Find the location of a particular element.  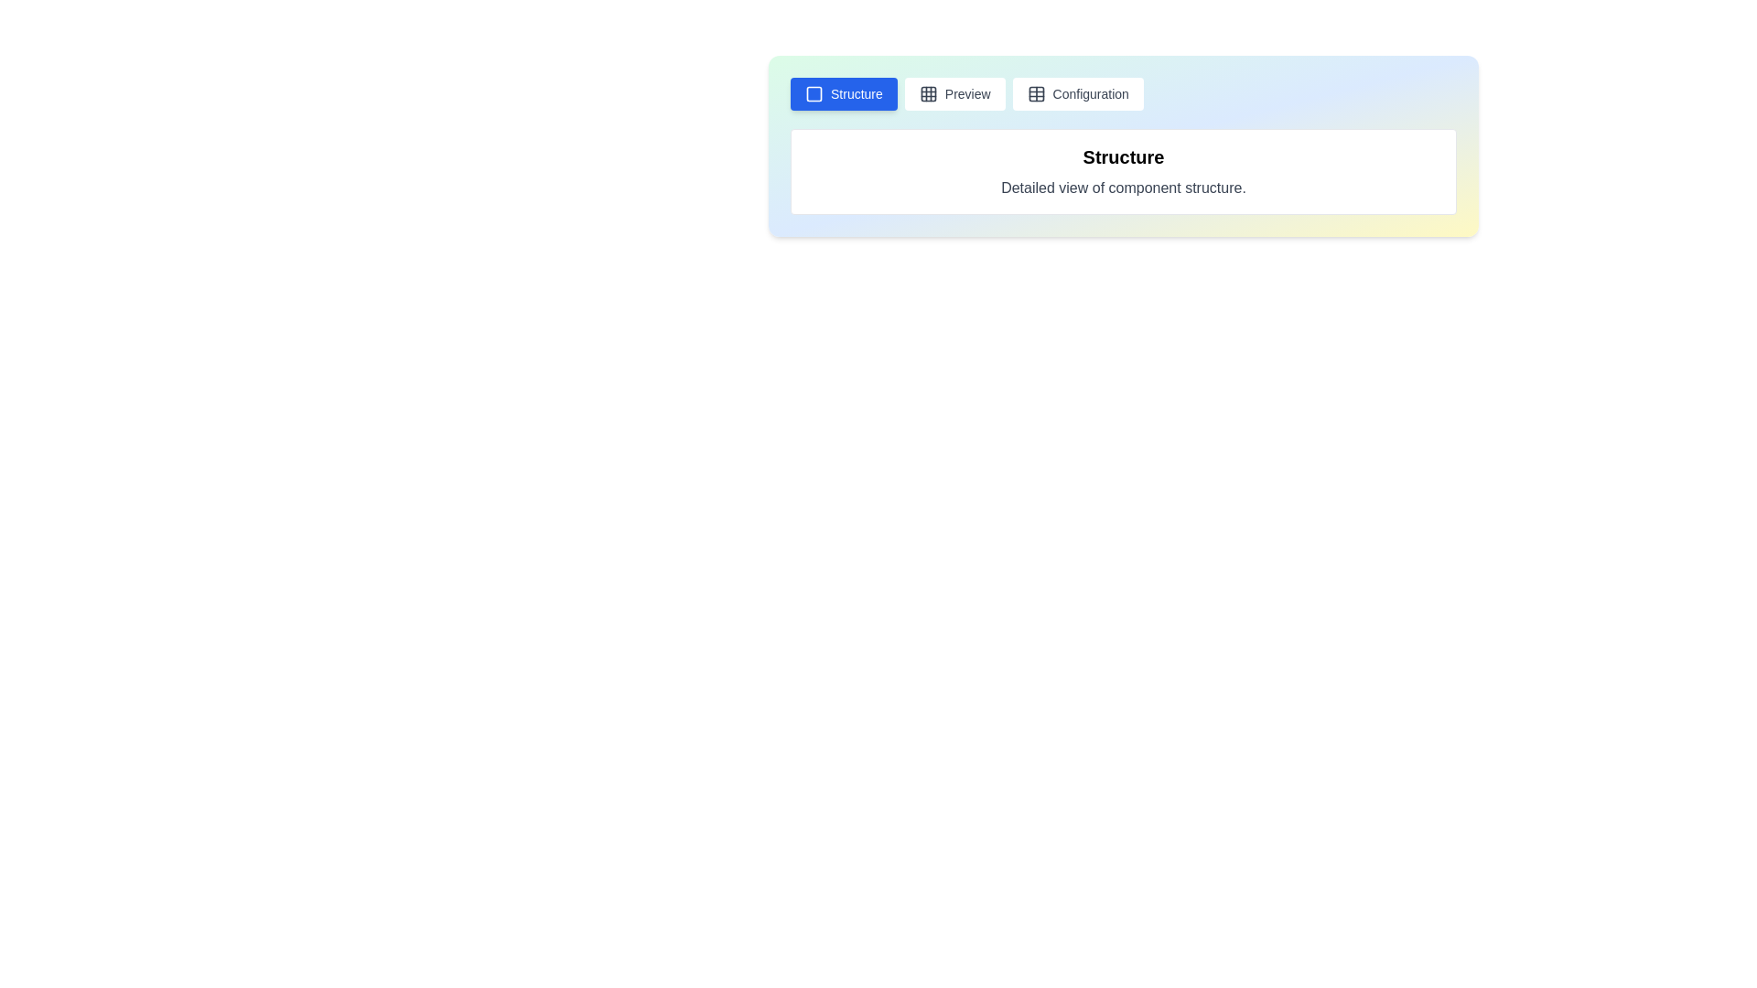

the Preview tab to observe its layout is located at coordinates (953, 94).